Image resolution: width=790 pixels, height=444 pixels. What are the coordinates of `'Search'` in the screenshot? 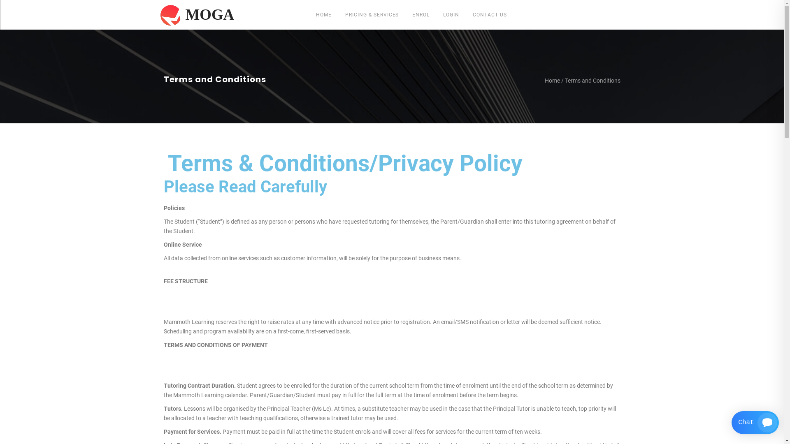 It's located at (521, 190).